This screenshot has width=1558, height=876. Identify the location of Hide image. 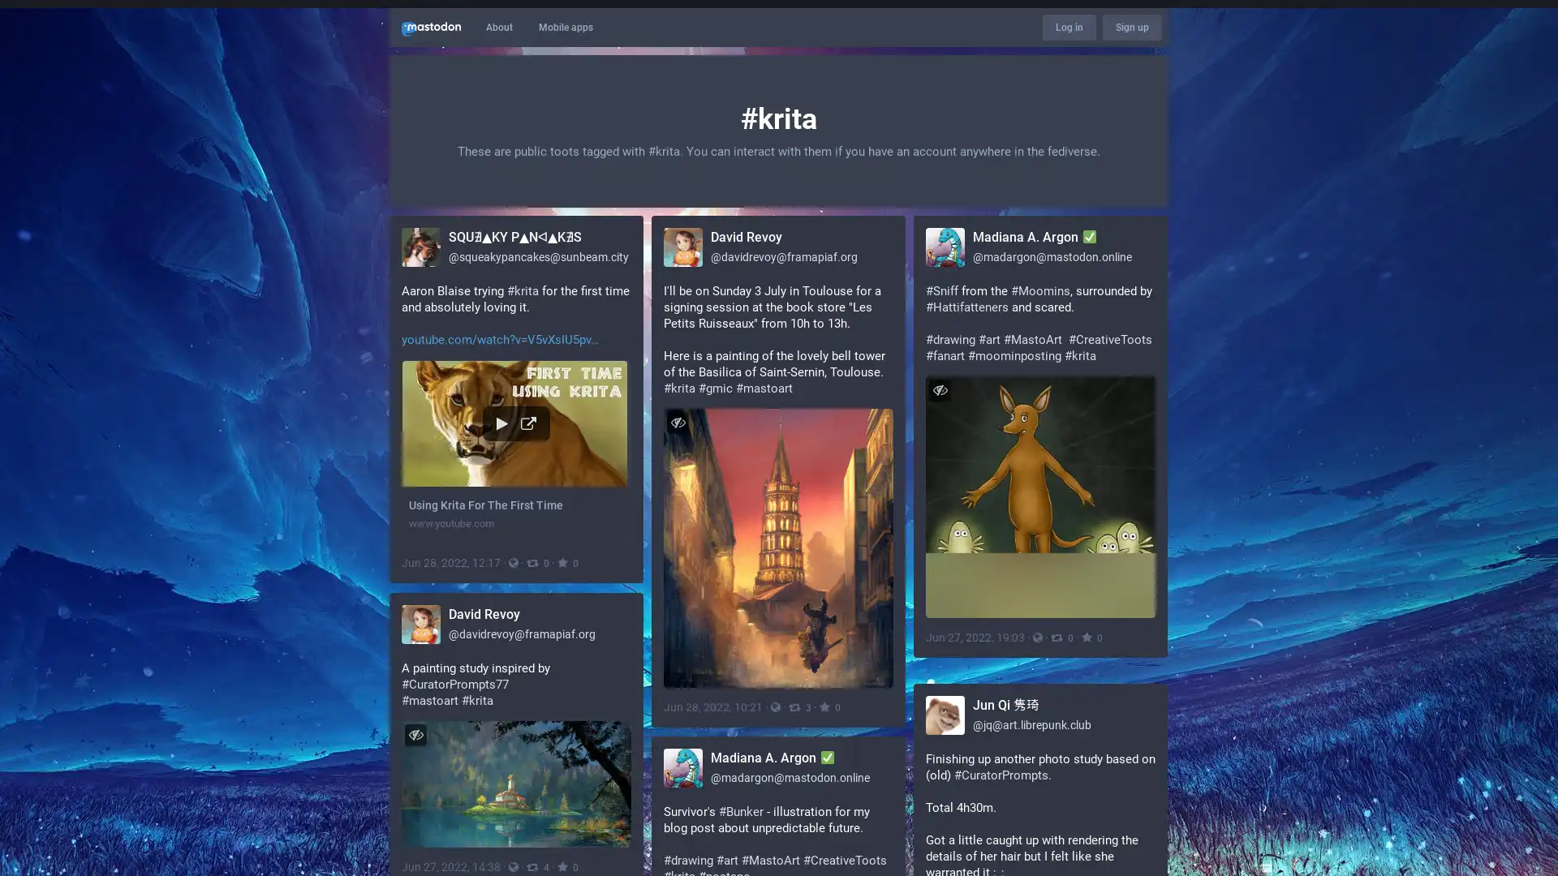
(678, 421).